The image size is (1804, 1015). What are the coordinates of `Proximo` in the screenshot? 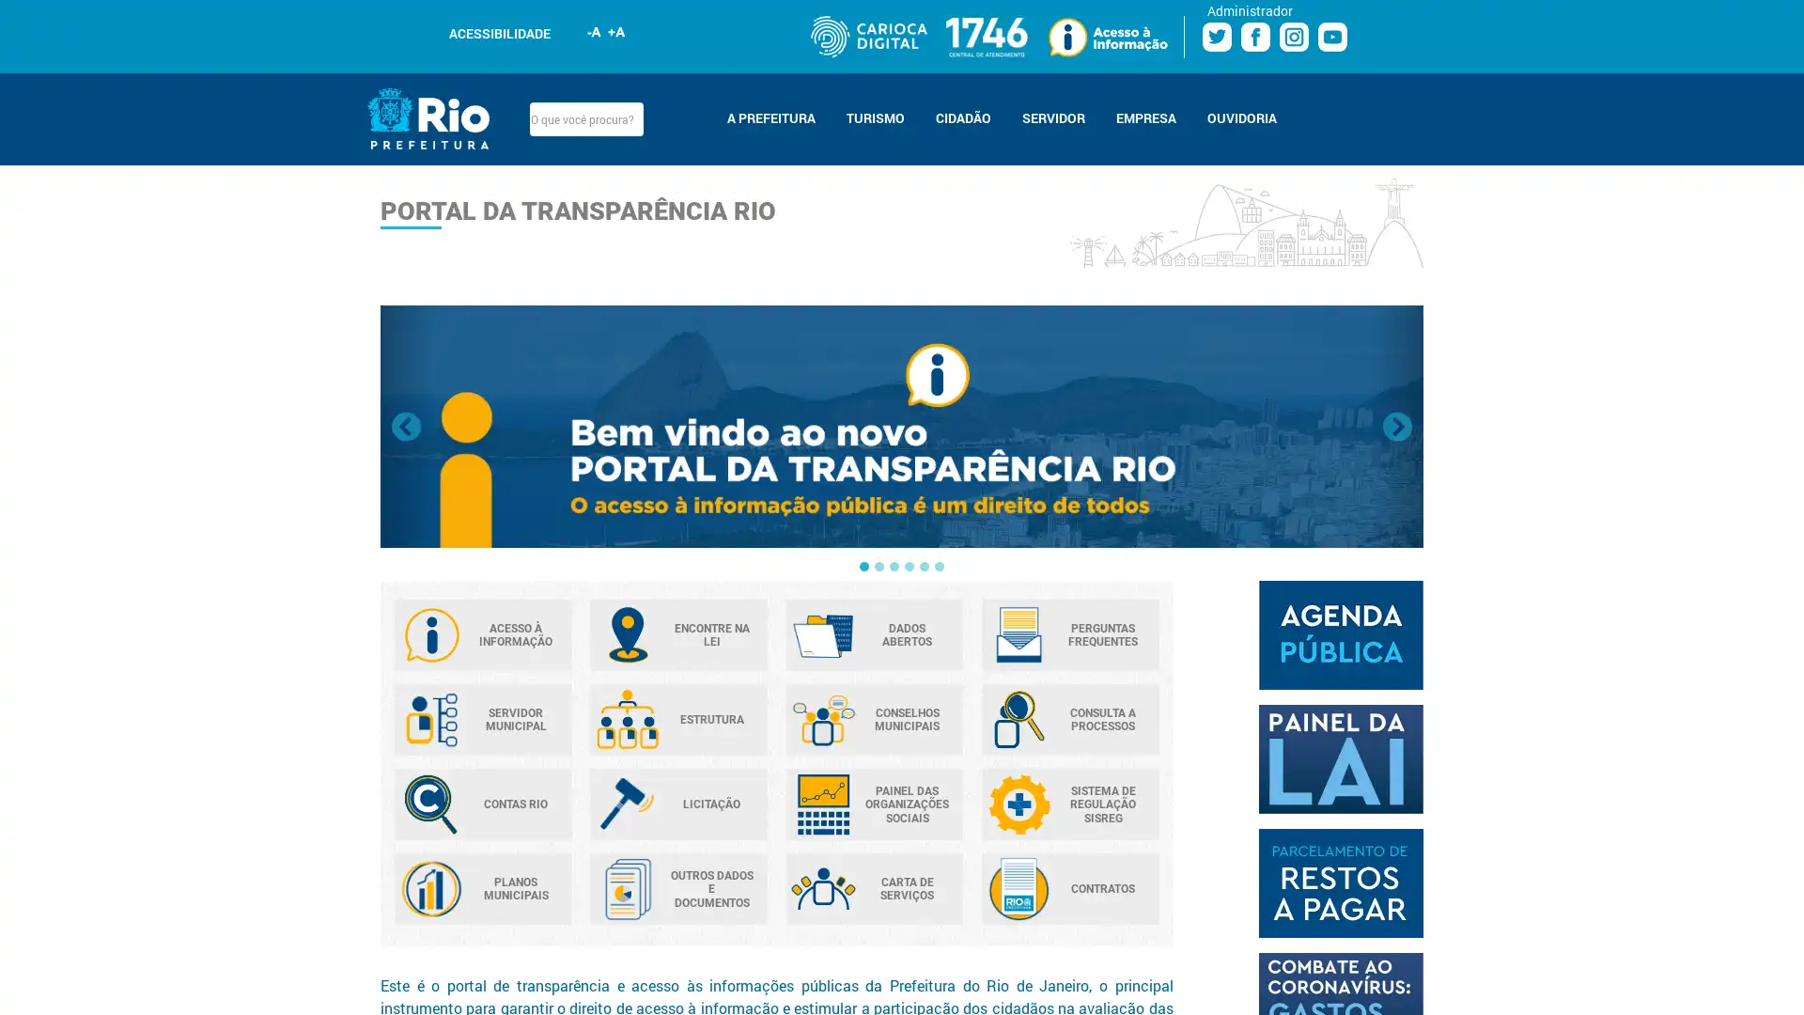 It's located at (1397, 427).